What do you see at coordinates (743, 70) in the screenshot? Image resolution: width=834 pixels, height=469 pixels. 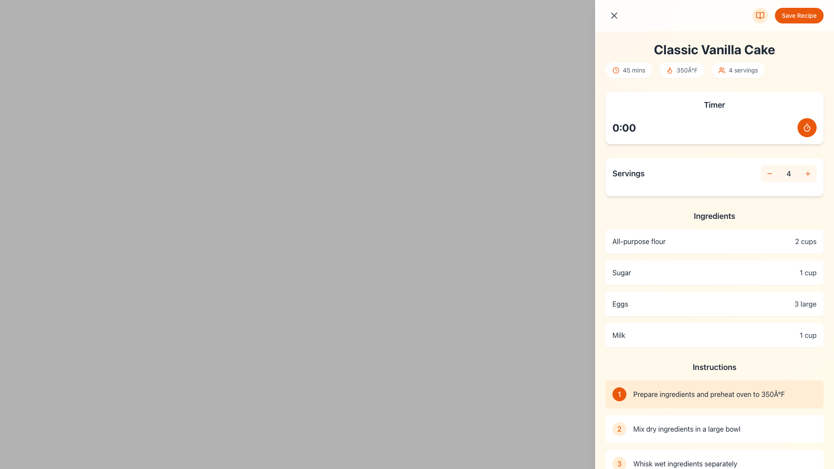 I see `the text label that indicates the number of servings for the recipe, positioned to the right of the user icon in the top section of the interface beneath the recipe title` at bounding box center [743, 70].